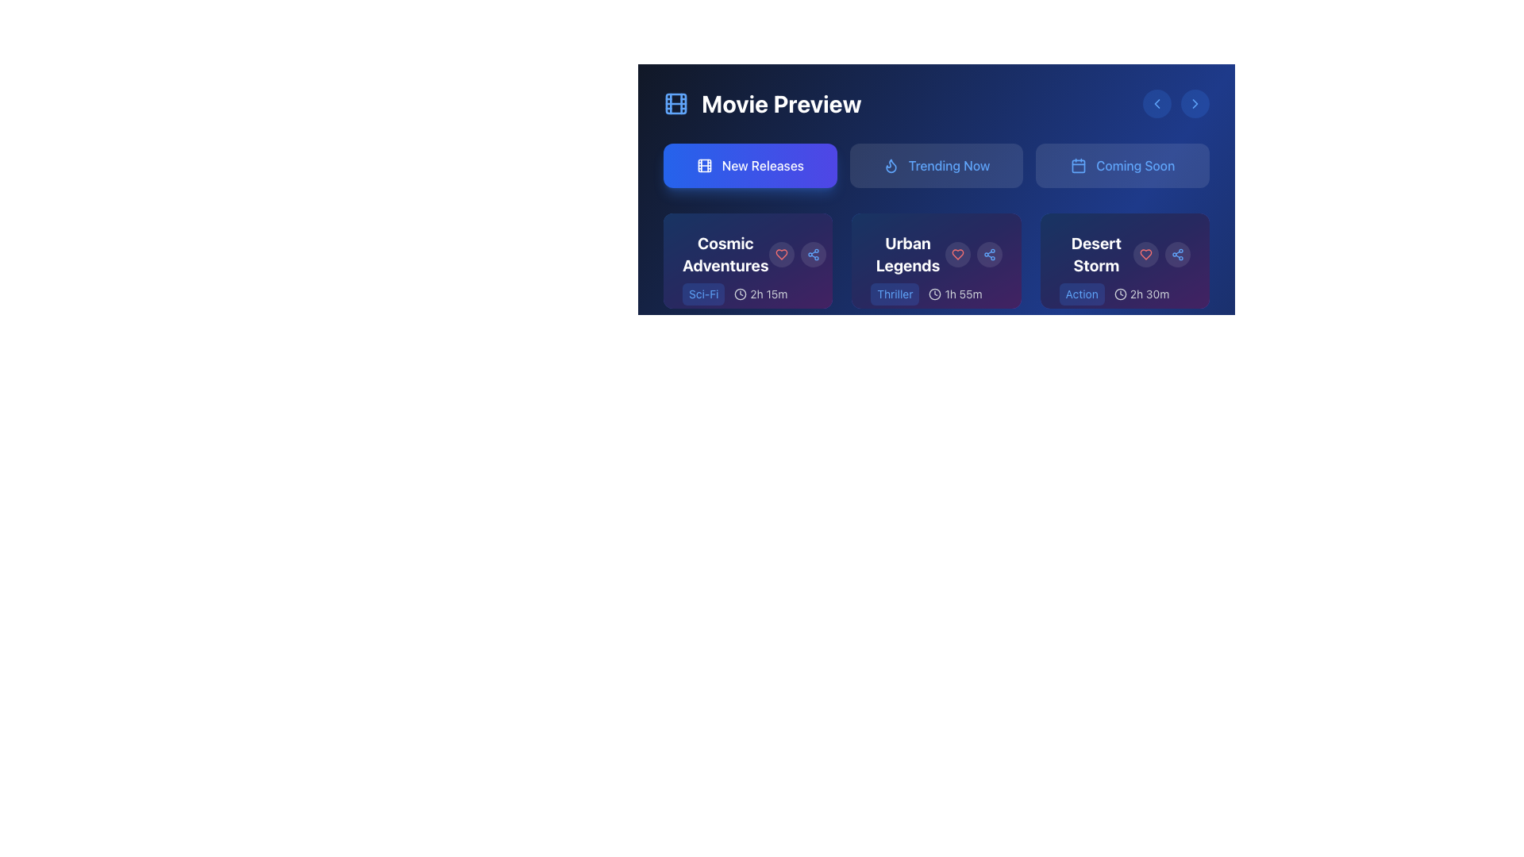 The width and height of the screenshot is (1524, 857). Describe the element at coordinates (813, 253) in the screenshot. I see `the share button located within the 'Cosmic Adventures' card to observe any visual effects` at that location.